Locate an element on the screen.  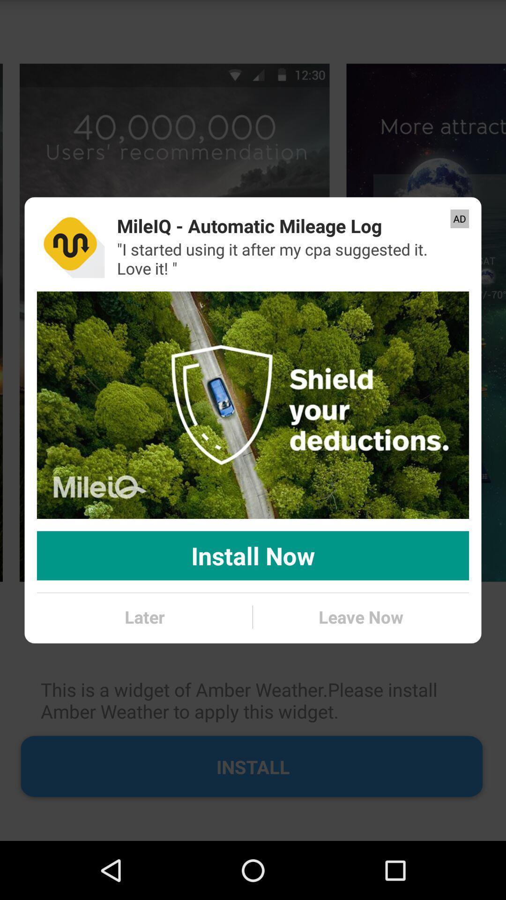
item to the left of the ad item is located at coordinates (249, 225).